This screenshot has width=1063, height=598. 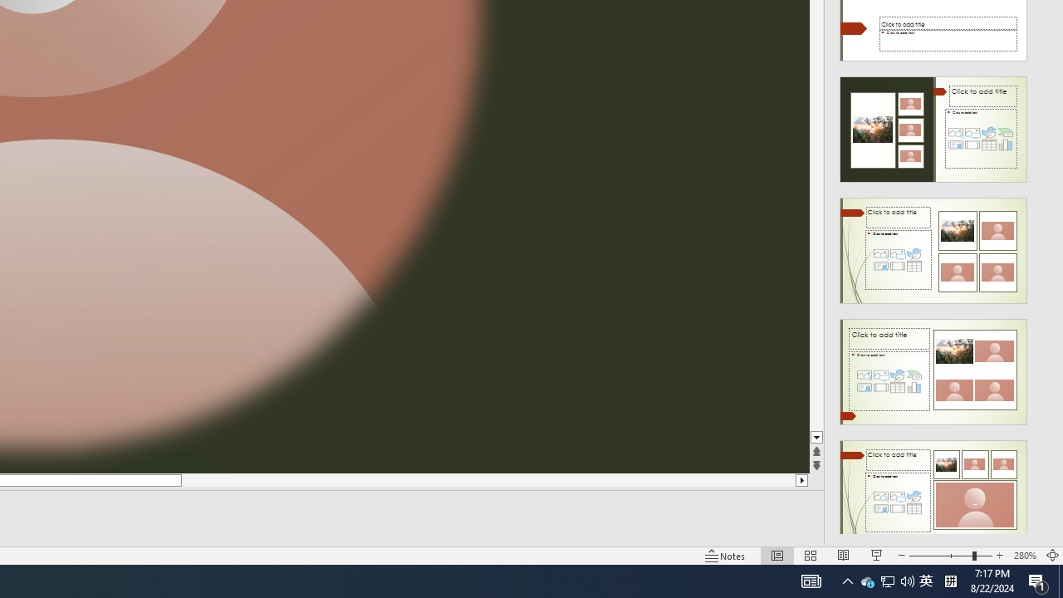 I want to click on 'Design Idea', so click(x=933, y=487).